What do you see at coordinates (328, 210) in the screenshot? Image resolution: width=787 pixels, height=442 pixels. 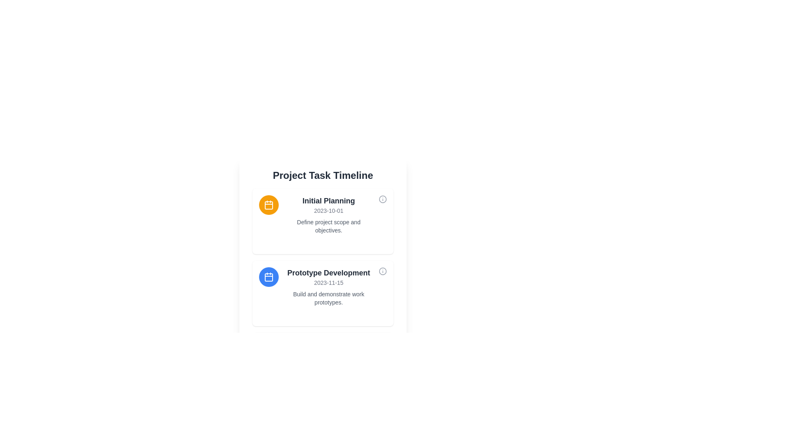 I see `the date text displaying '2023-10-01' located below the heading 'Initial Planning' and above the description 'Define project scope and objectives.'` at bounding box center [328, 210].